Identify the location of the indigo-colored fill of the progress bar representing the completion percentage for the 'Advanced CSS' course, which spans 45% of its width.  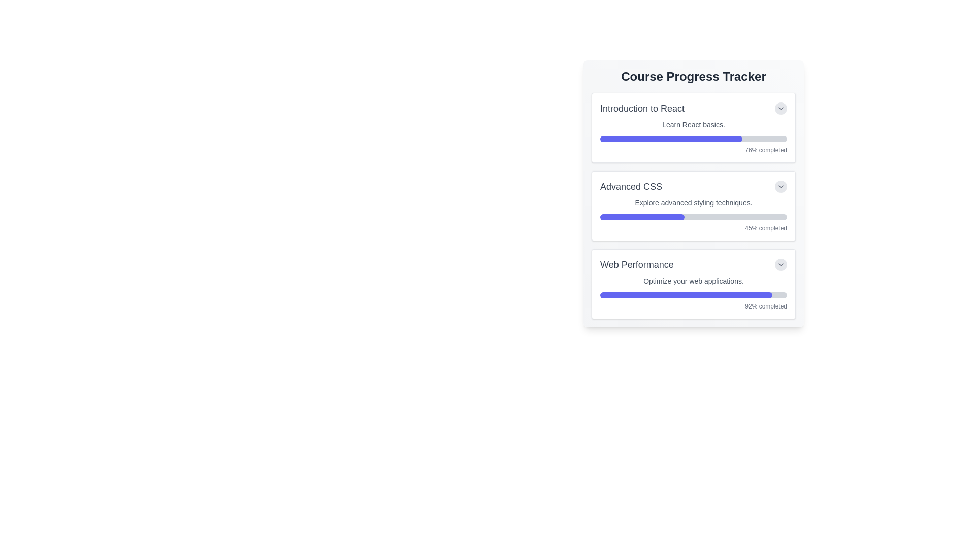
(641, 217).